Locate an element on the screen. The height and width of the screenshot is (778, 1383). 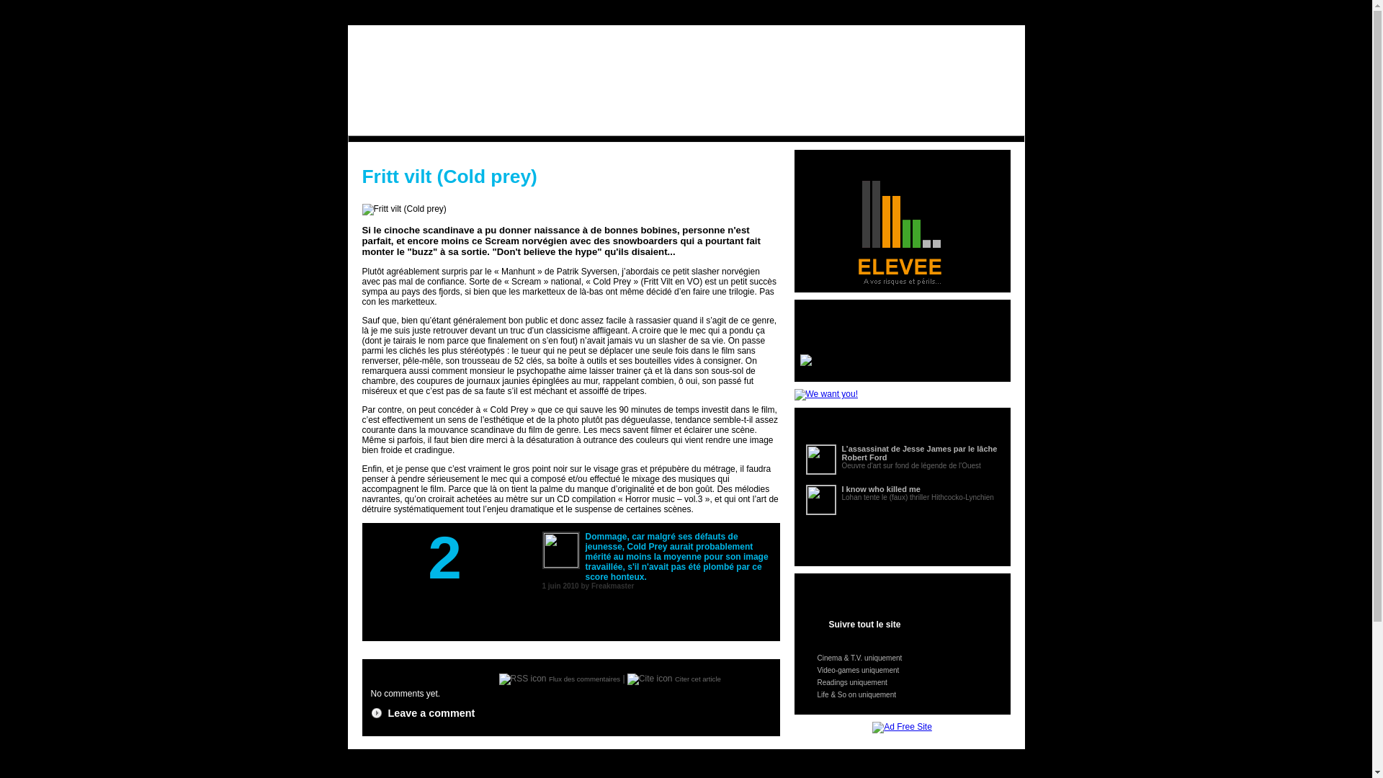
'Citer cet article' is located at coordinates (698, 679).